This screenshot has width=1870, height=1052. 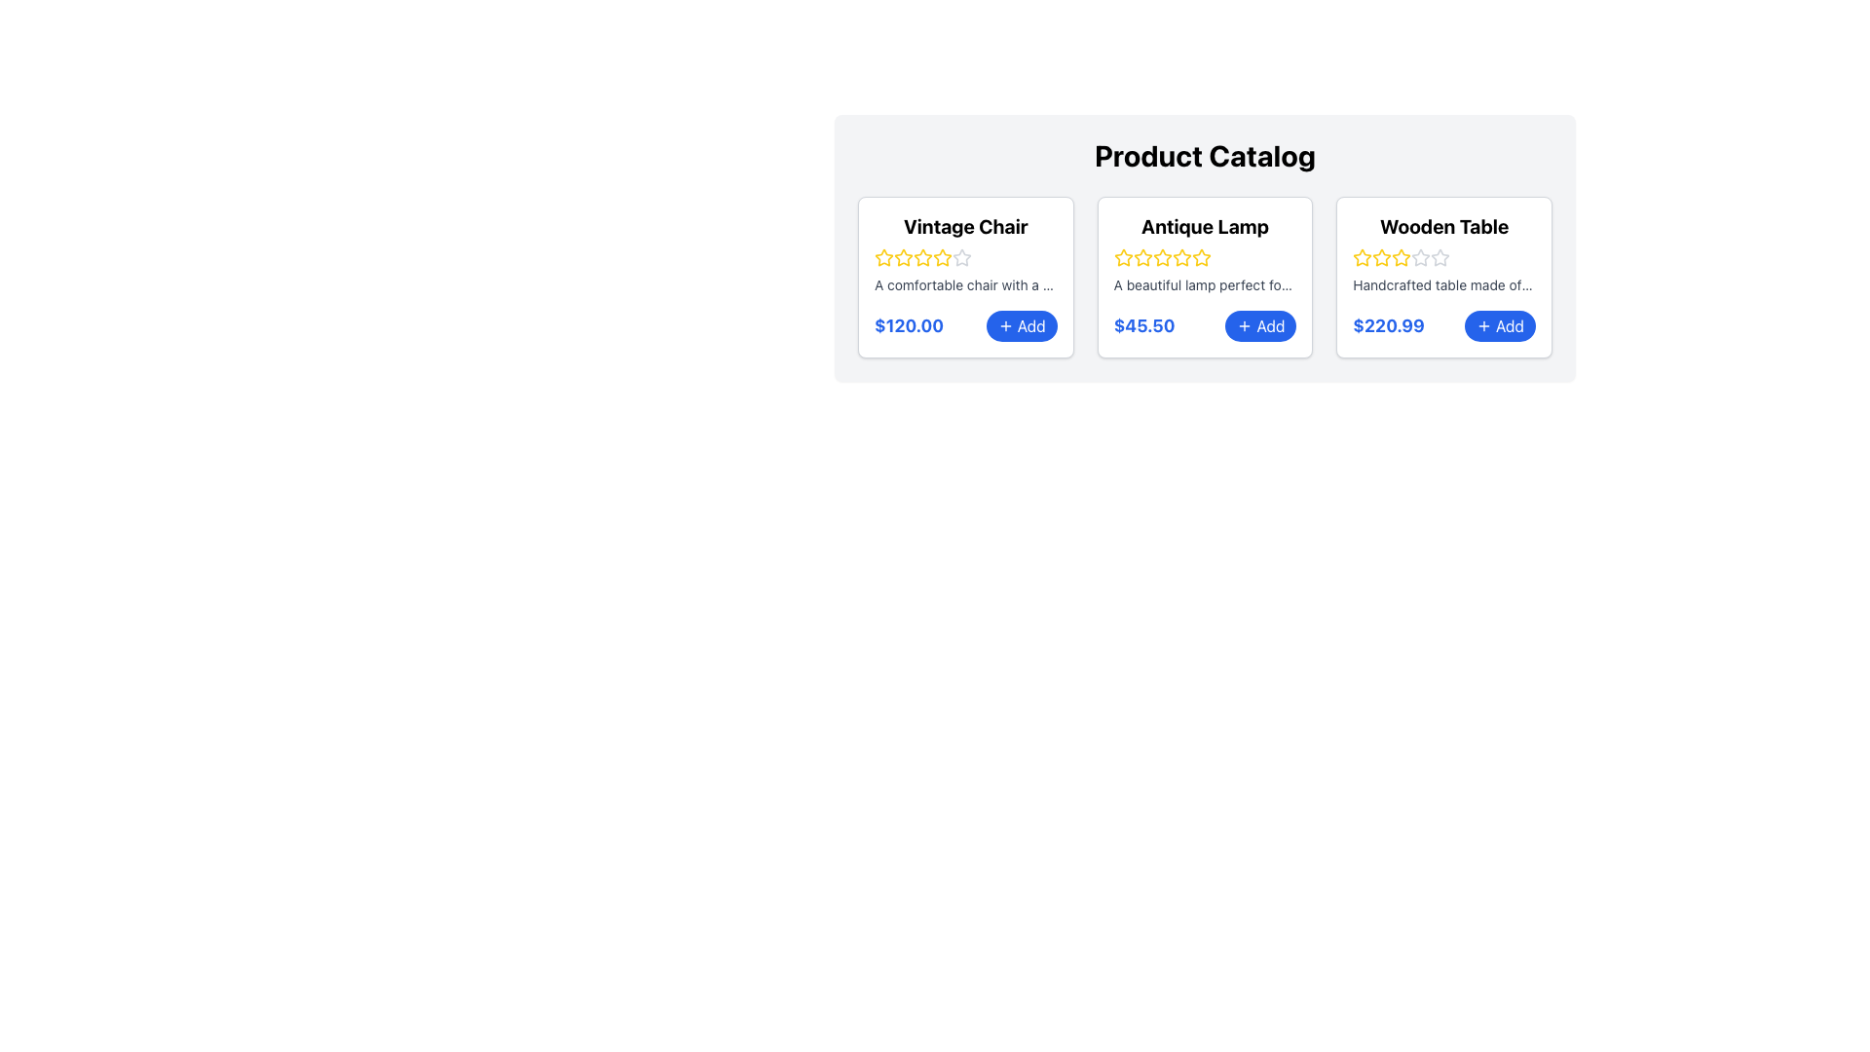 What do you see at coordinates (1362, 257) in the screenshot?
I see `the first yellow star icon within the 'Wooden Table' product card to interact with the rating` at bounding box center [1362, 257].